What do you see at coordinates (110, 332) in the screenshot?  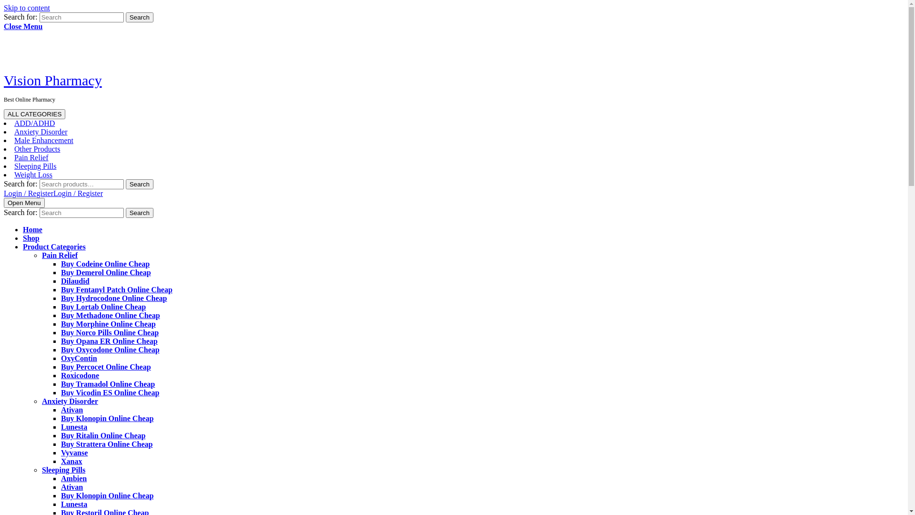 I see `'Buy Norco Pills Online Cheap'` at bounding box center [110, 332].